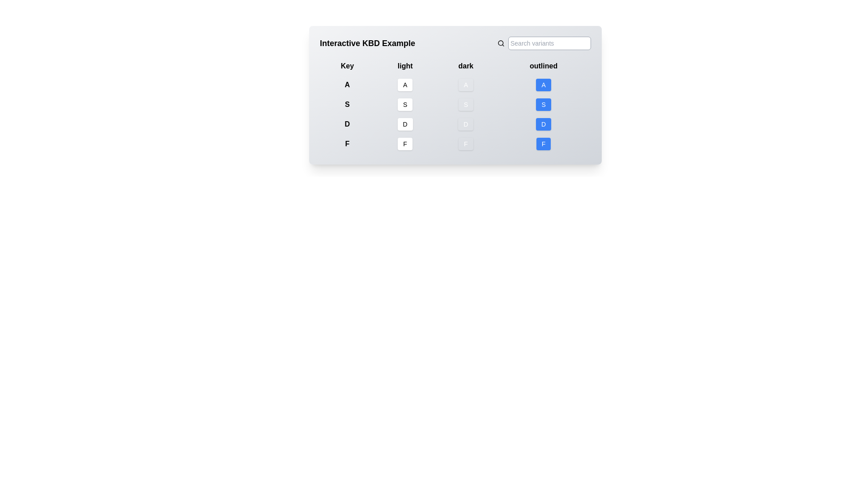  Describe the element at coordinates (404, 143) in the screenshot. I see `the small rectangular button with the character 'F' written in bold, located in the 'light' column, fourth in the row of similar buttons` at that location.